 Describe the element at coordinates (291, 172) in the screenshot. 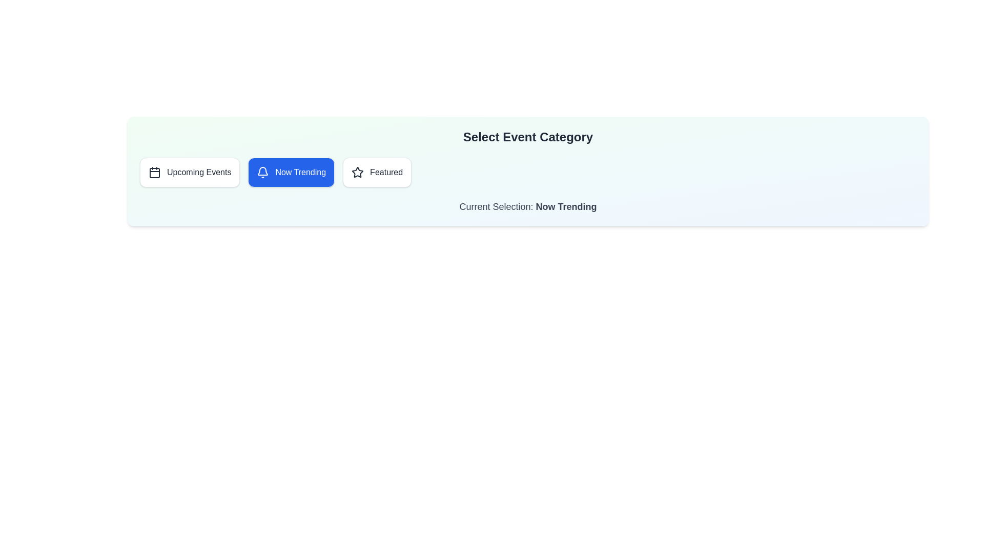

I see `the 'Now Trending' button located centrally between the 'Upcoming Events' and 'Featured' buttons to observe hover effects` at that location.